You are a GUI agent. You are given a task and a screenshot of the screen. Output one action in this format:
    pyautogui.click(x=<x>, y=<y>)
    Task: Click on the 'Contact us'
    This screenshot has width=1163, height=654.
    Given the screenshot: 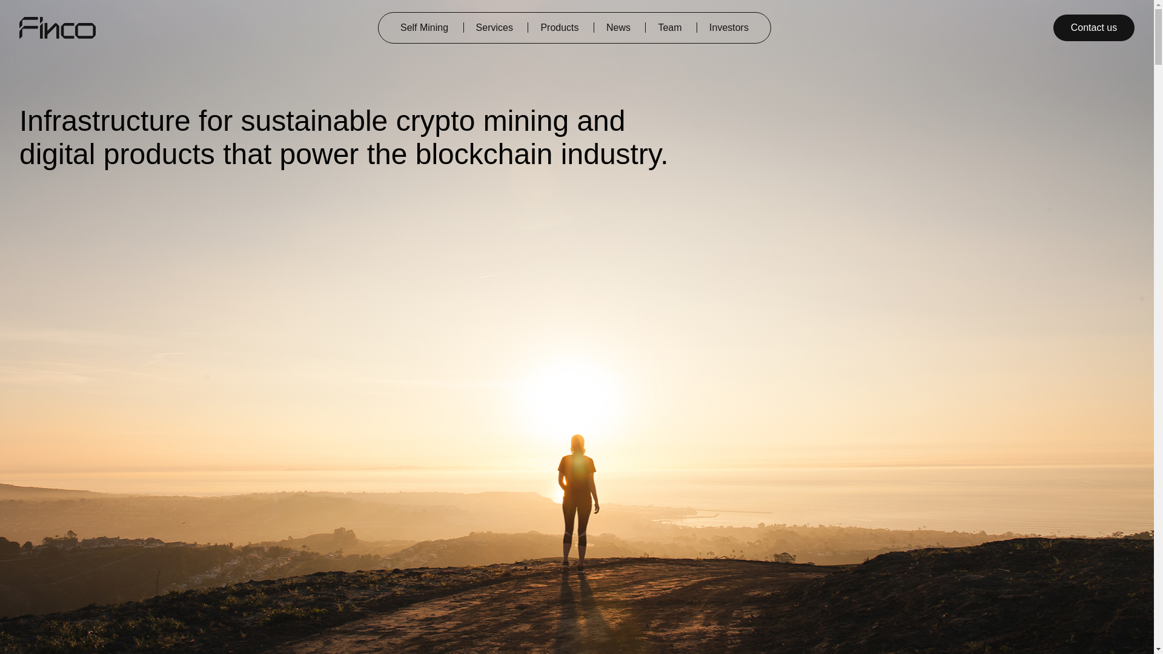 What is the action you would take?
    pyautogui.click(x=1093, y=27)
    